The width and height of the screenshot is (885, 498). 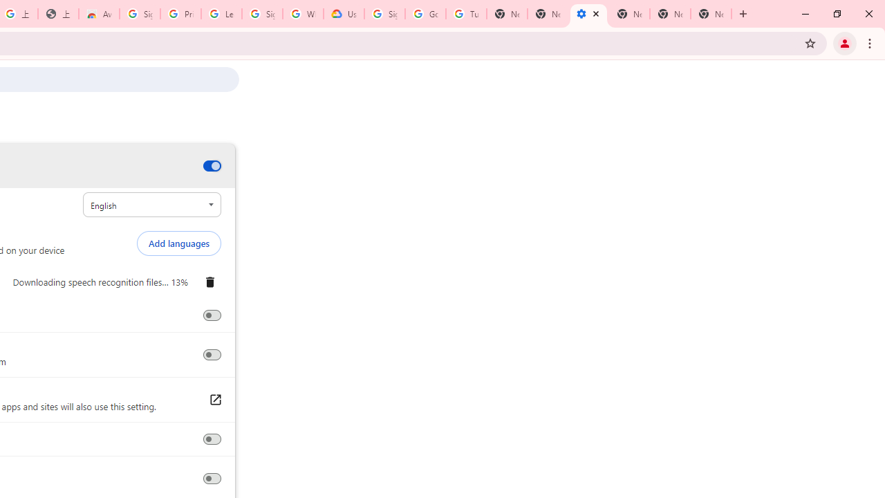 I want to click on 'Settings - Accessibility', so click(x=588, y=14).